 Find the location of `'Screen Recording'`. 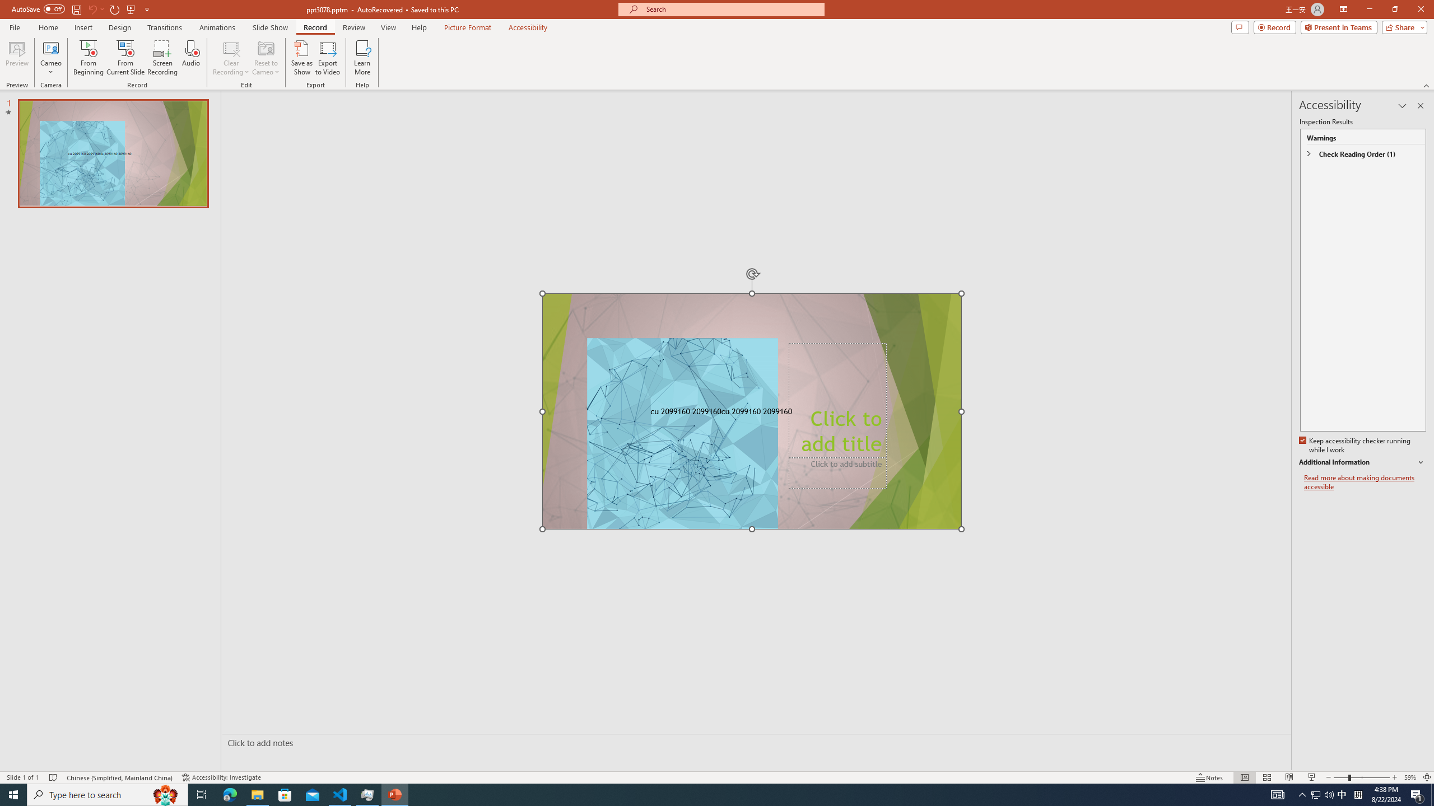

'Screen Recording' is located at coordinates (162, 58).